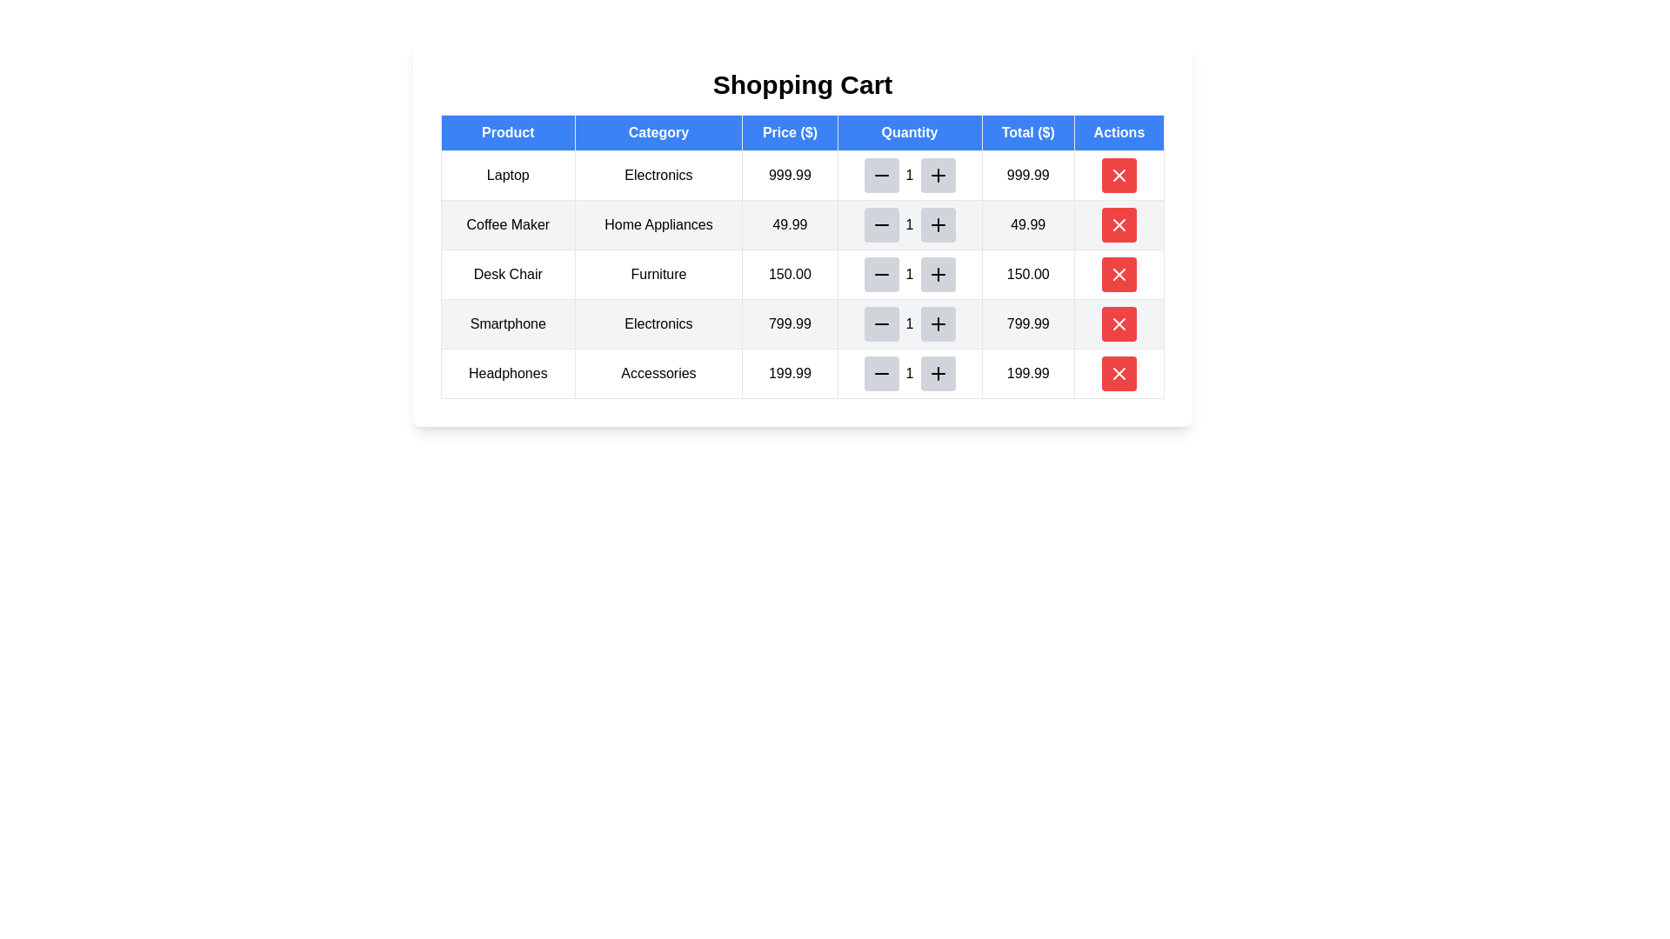  I want to click on the 'Furniture' category label in the shopping cart, located in the third row under the 'Category' column, adjacent to 'Desk Chair' on the left and '150.00' on the right, so click(658, 274).